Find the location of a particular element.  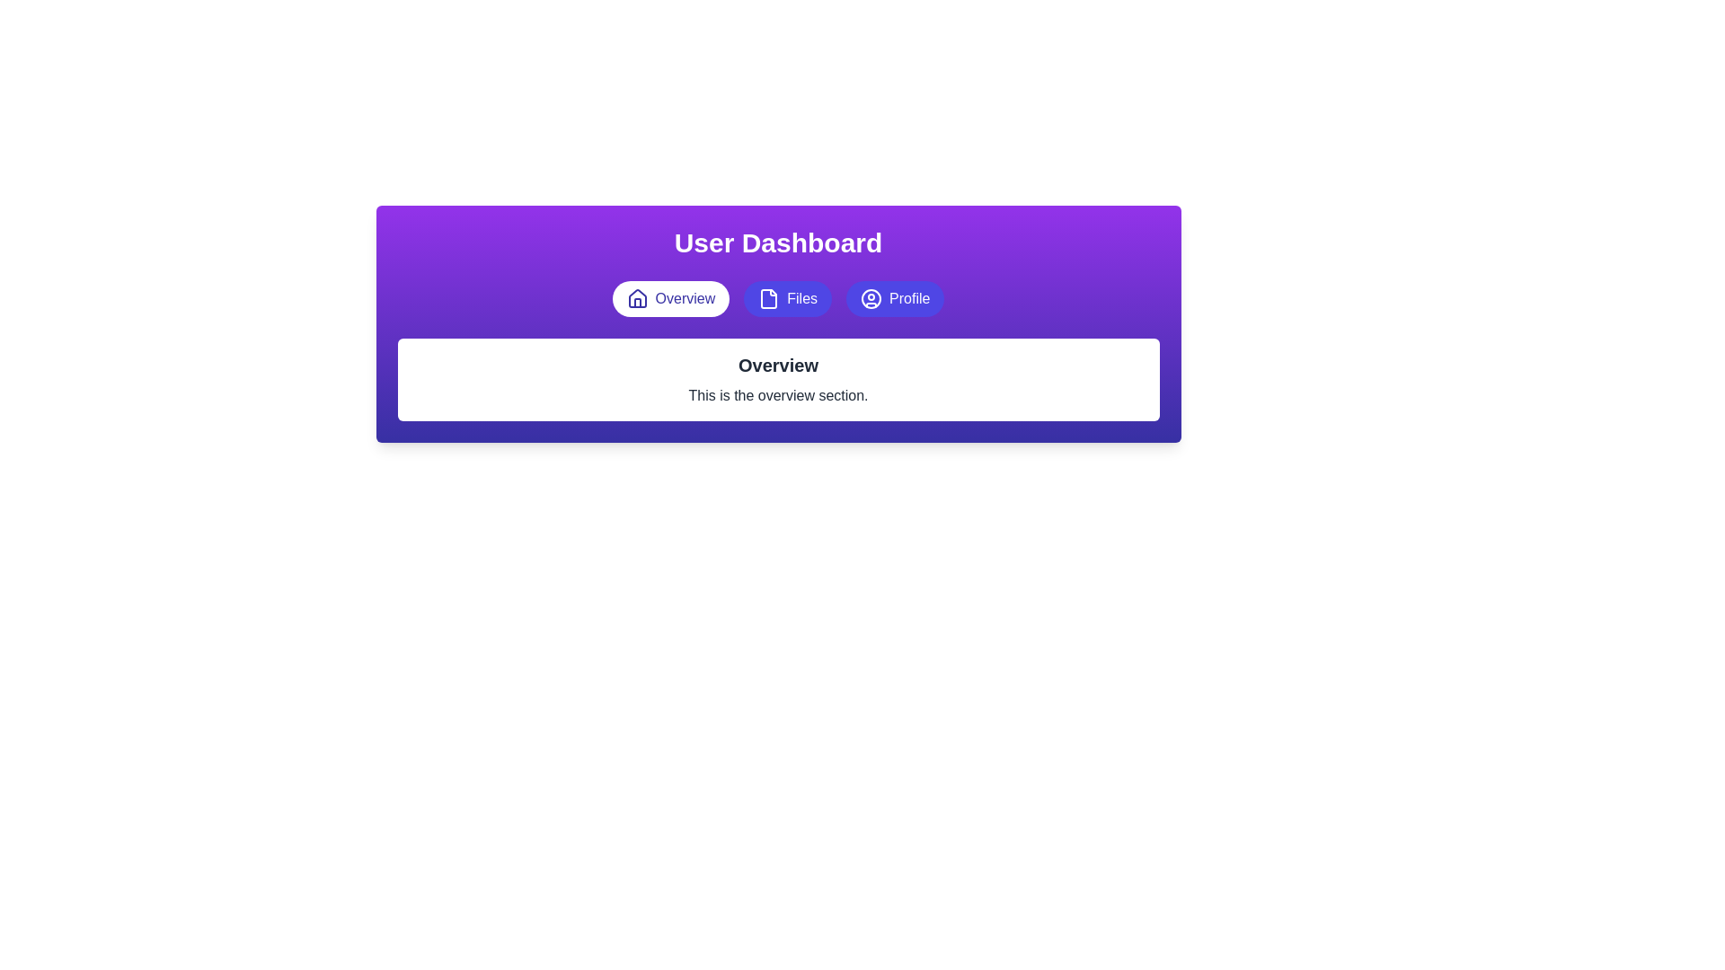

the house icon above the 'Overview' text within the oval button is located at coordinates (637, 297).